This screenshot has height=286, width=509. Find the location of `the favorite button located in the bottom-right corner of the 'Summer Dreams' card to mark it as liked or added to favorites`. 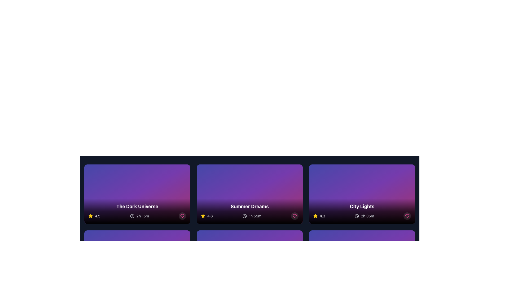

the favorite button located in the bottom-right corner of the 'Summer Dreams' card to mark it as liked or added to favorites is located at coordinates (295, 216).